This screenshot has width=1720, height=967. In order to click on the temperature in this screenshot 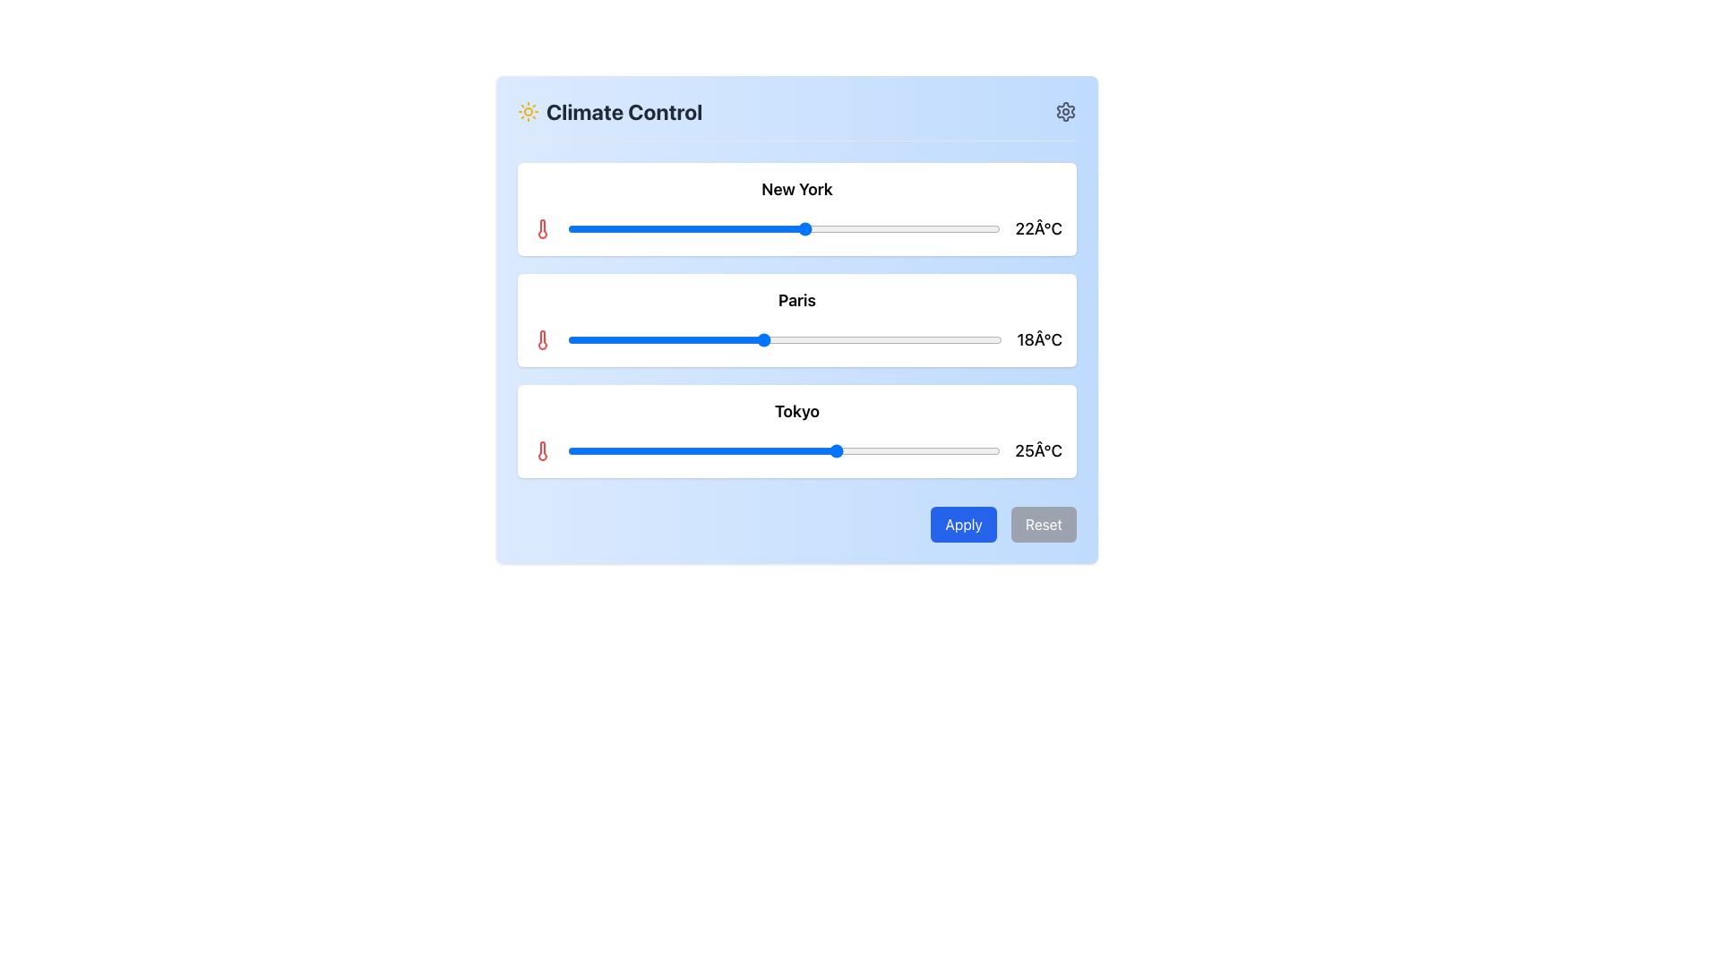, I will do `click(815, 450)`.